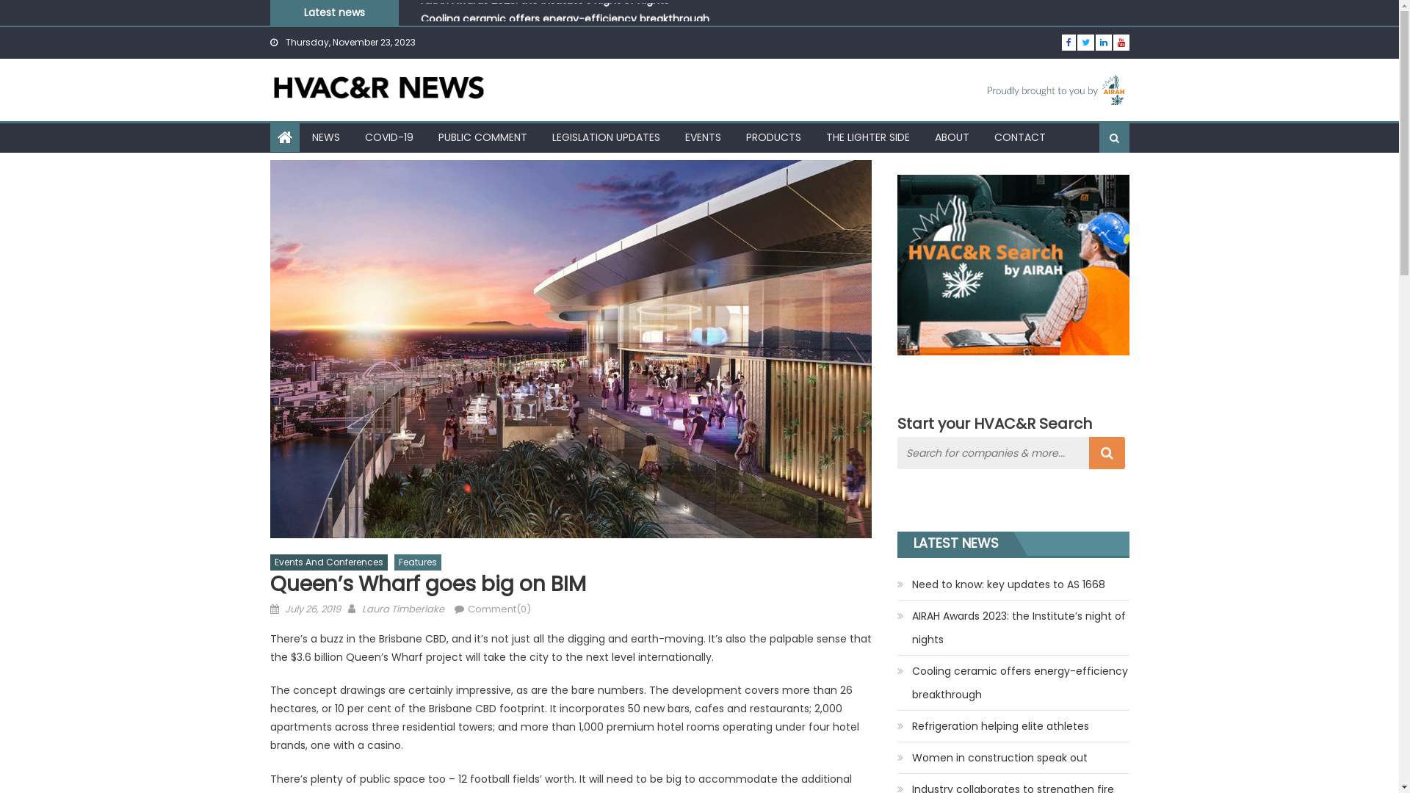  Describe the element at coordinates (772, 137) in the screenshot. I see `'PRODUCTS'` at that location.